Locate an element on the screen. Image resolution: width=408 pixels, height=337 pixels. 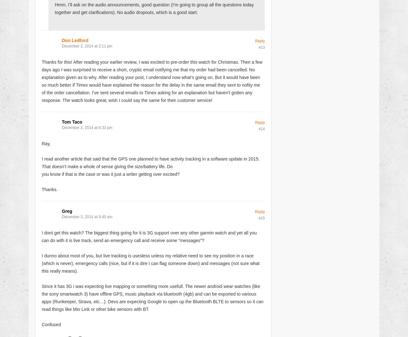
'I dunno about most of you, but live tracking is usesless unless my relative need to see my position in a race (which is never), emergency calls (nice, but if it is dire I can flag someone down) and messages (not sure what this really means).' is located at coordinates (150, 262).